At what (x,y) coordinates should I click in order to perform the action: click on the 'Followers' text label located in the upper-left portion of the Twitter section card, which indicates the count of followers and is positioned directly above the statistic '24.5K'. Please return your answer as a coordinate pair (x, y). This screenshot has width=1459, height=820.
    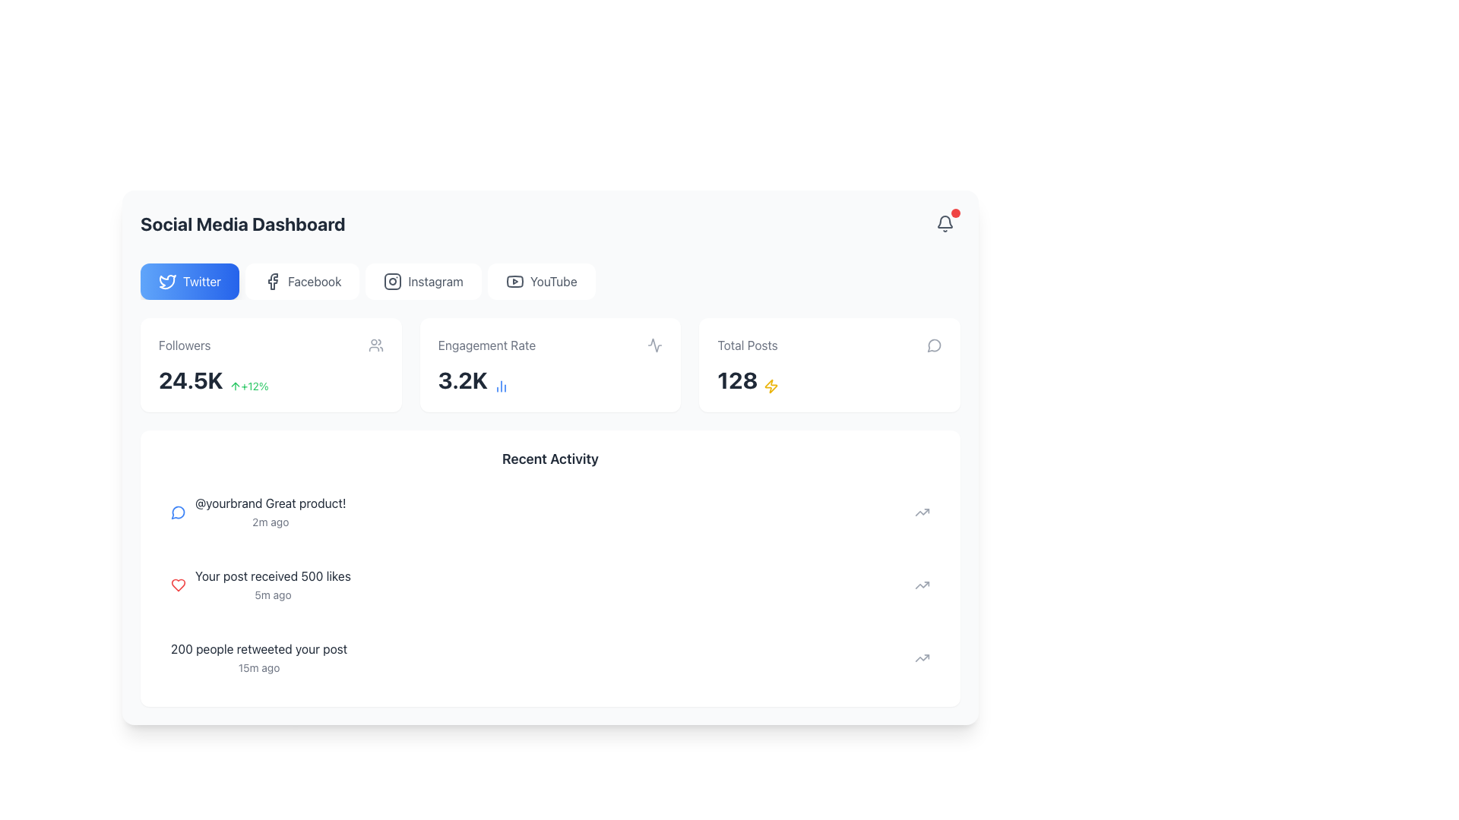
    Looking at the image, I should click on (184, 345).